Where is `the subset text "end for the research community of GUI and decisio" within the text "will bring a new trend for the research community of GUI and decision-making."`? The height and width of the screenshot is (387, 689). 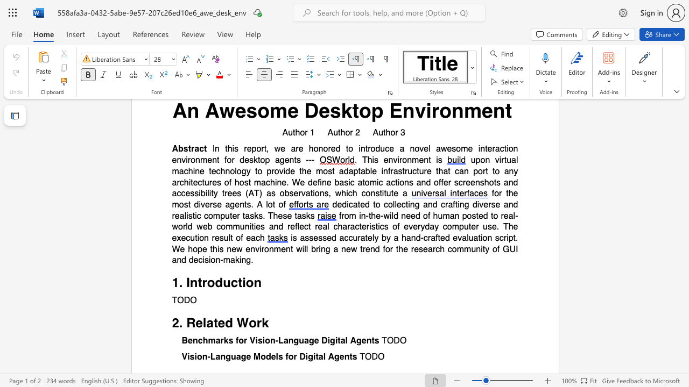
the subset text "end for the research community of GUI and decisio" within the text "will bring a new trend for the research community of GUI and decision-making." is located at coordinates (365, 249).